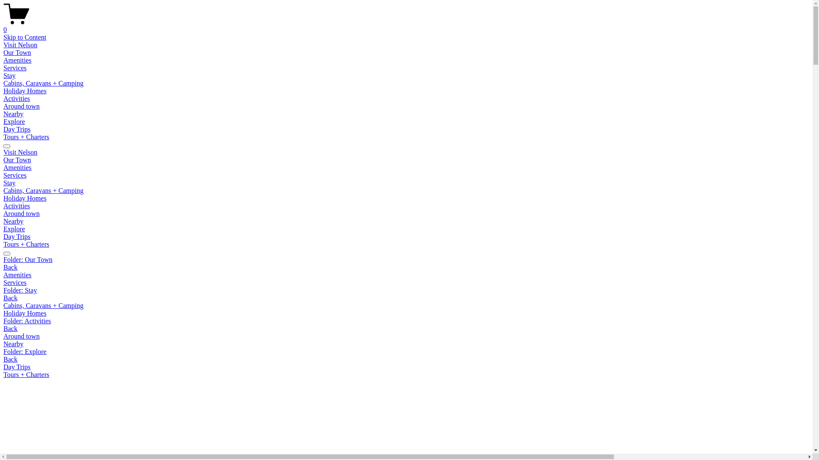  Describe the element at coordinates (3, 321) in the screenshot. I see `'Folder: Activities'` at that location.